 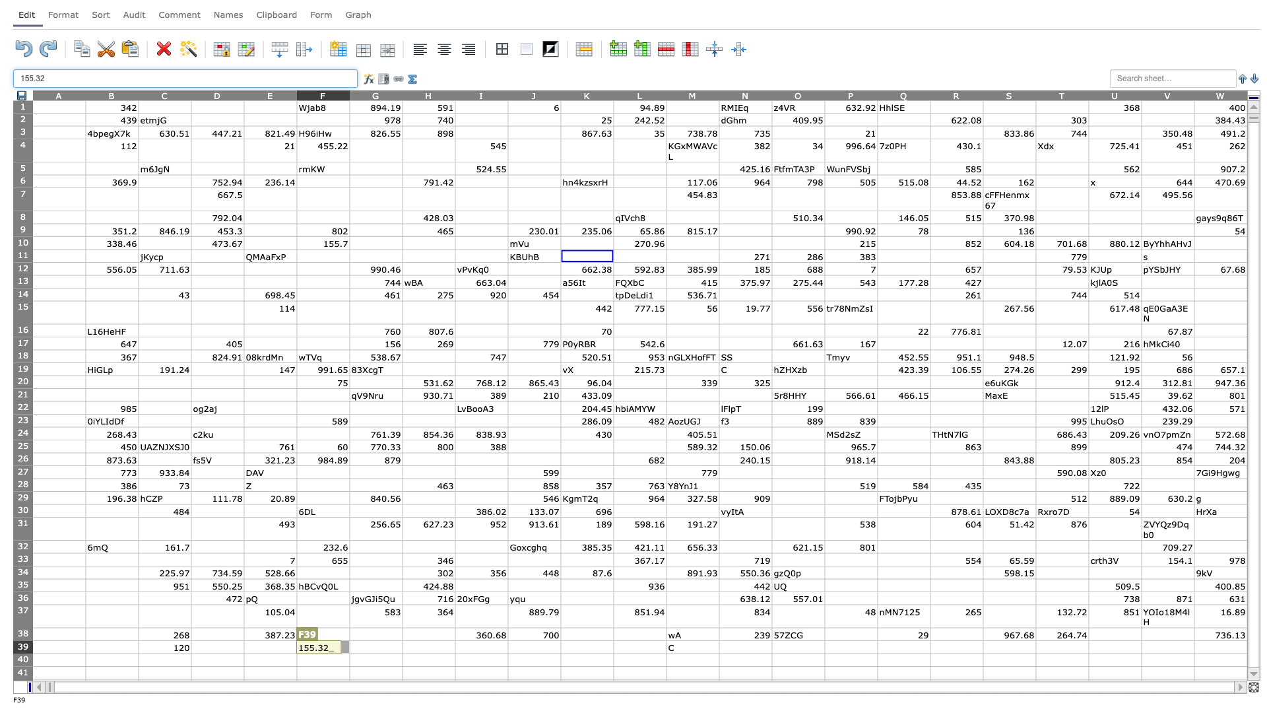 What do you see at coordinates (349, 646) in the screenshot?
I see `Left side boundary of G39` at bounding box center [349, 646].